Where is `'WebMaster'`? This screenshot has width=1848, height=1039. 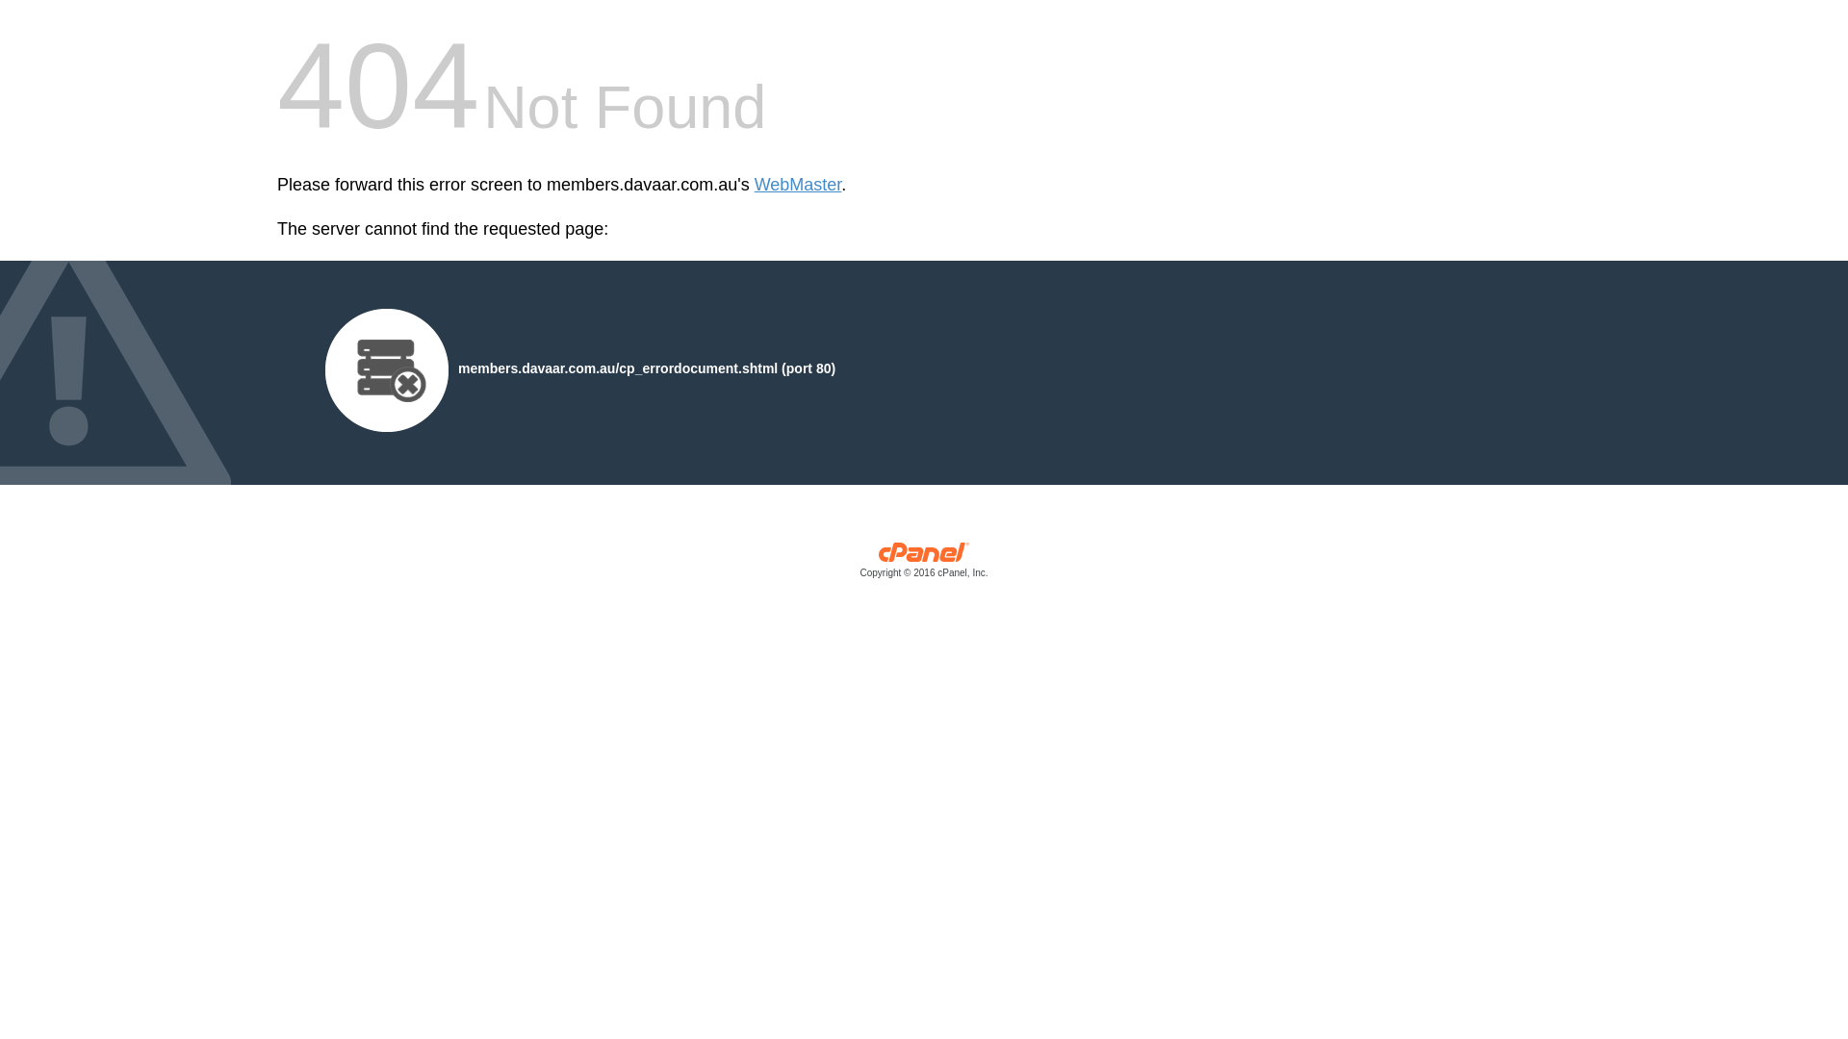
'WebMaster' is located at coordinates (798, 185).